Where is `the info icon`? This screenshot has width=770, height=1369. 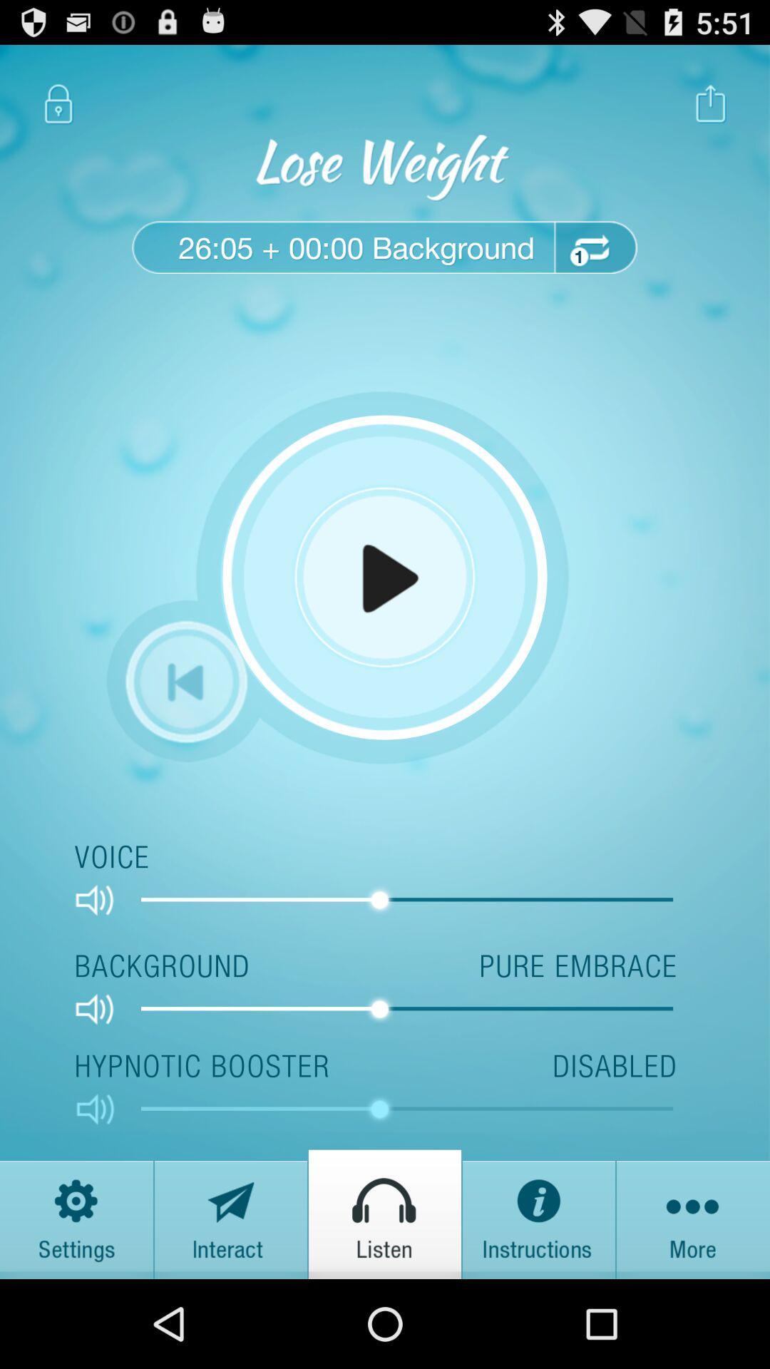 the info icon is located at coordinates (539, 1298).